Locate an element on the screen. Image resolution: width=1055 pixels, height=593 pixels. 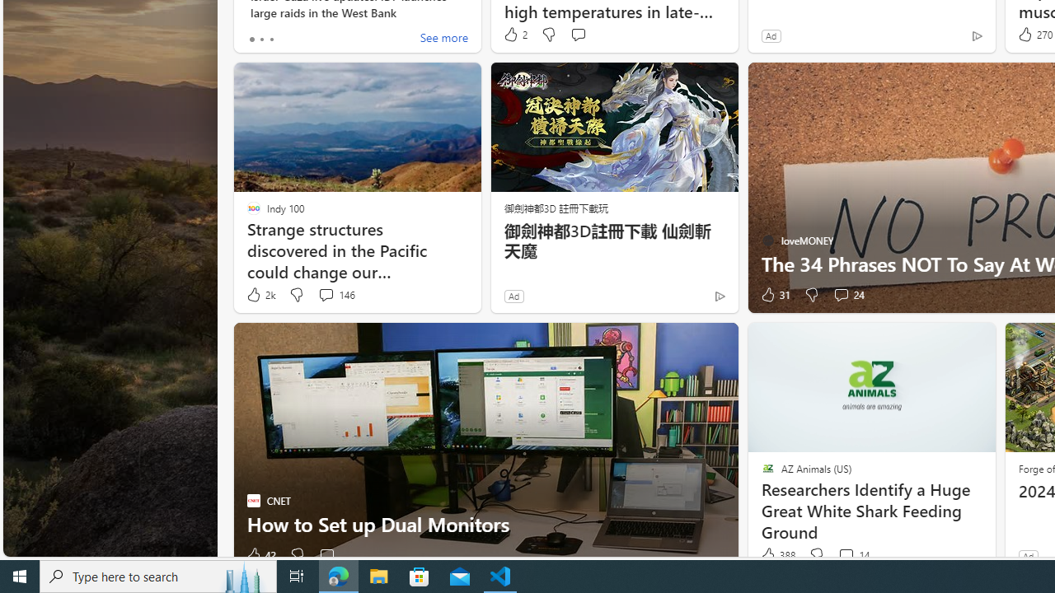
'tab-1' is located at coordinates (260, 38).